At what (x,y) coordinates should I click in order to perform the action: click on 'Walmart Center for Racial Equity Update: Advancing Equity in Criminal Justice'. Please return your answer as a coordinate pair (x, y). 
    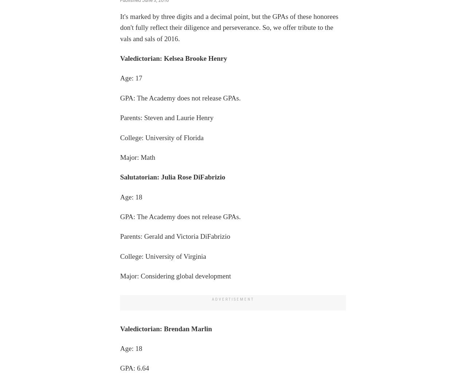
    Looking at the image, I should click on (165, 347).